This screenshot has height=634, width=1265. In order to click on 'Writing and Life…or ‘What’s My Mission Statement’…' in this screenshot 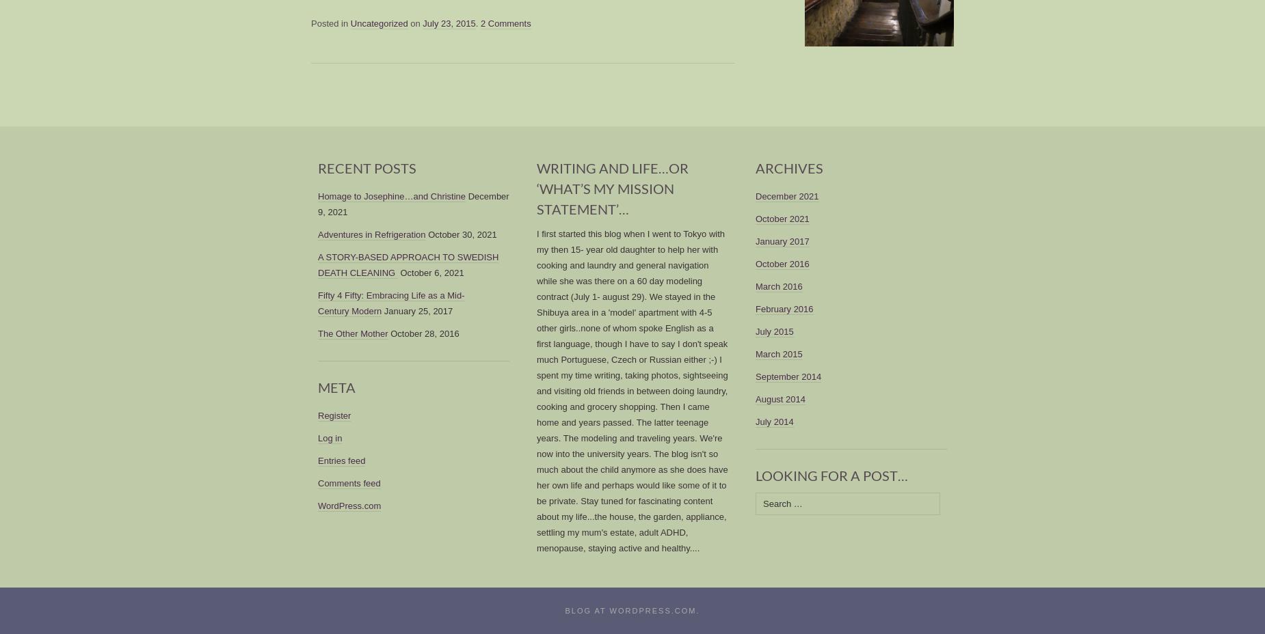, I will do `click(612, 187)`.